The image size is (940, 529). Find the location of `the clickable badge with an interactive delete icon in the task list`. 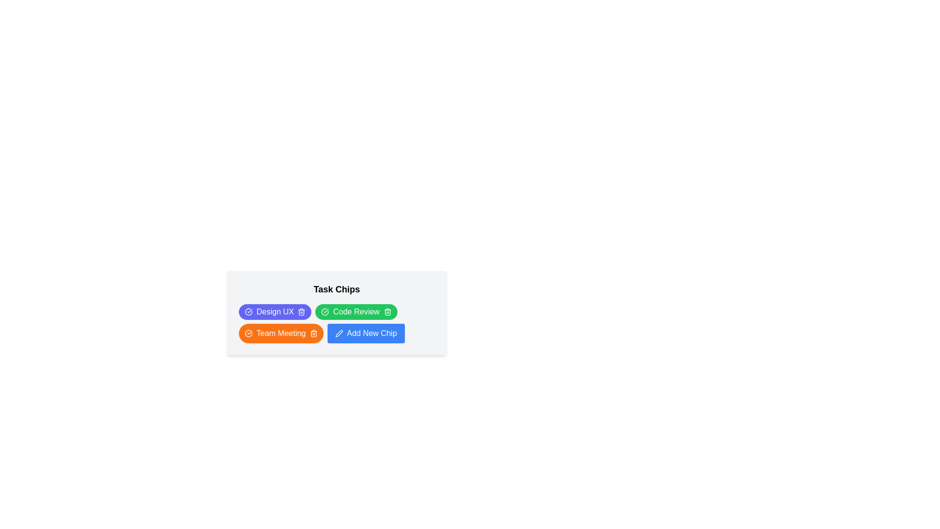

the clickable badge with an interactive delete icon in the task list is located at coordinates (281, 333).